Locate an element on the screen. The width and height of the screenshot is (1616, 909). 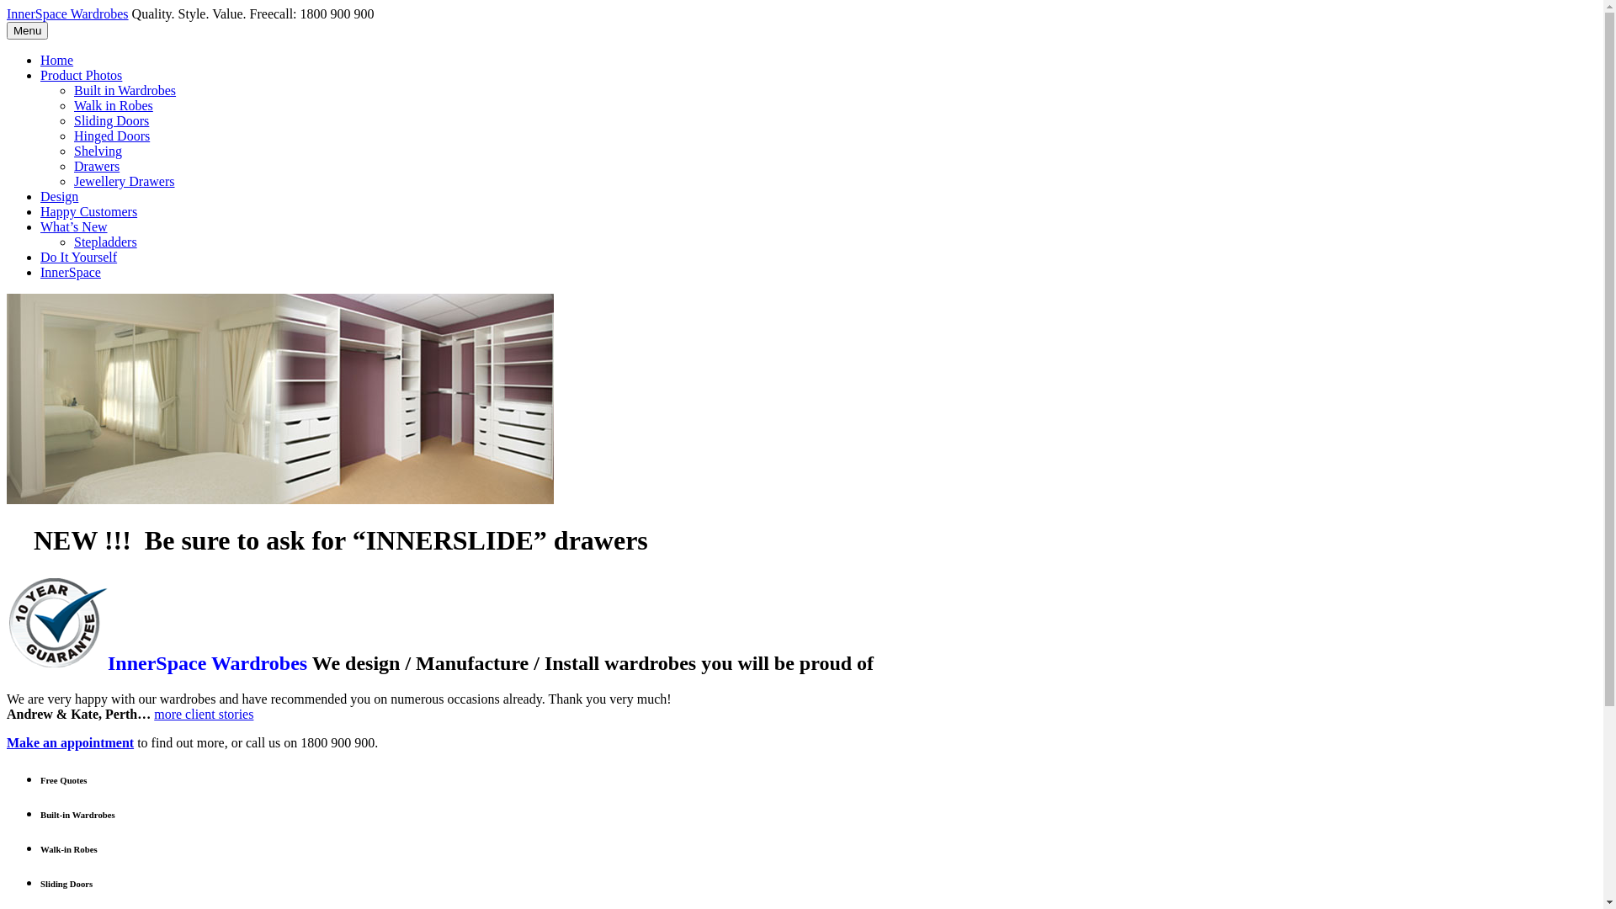
'Walk in Robes' is located at coordinates (112, 105).